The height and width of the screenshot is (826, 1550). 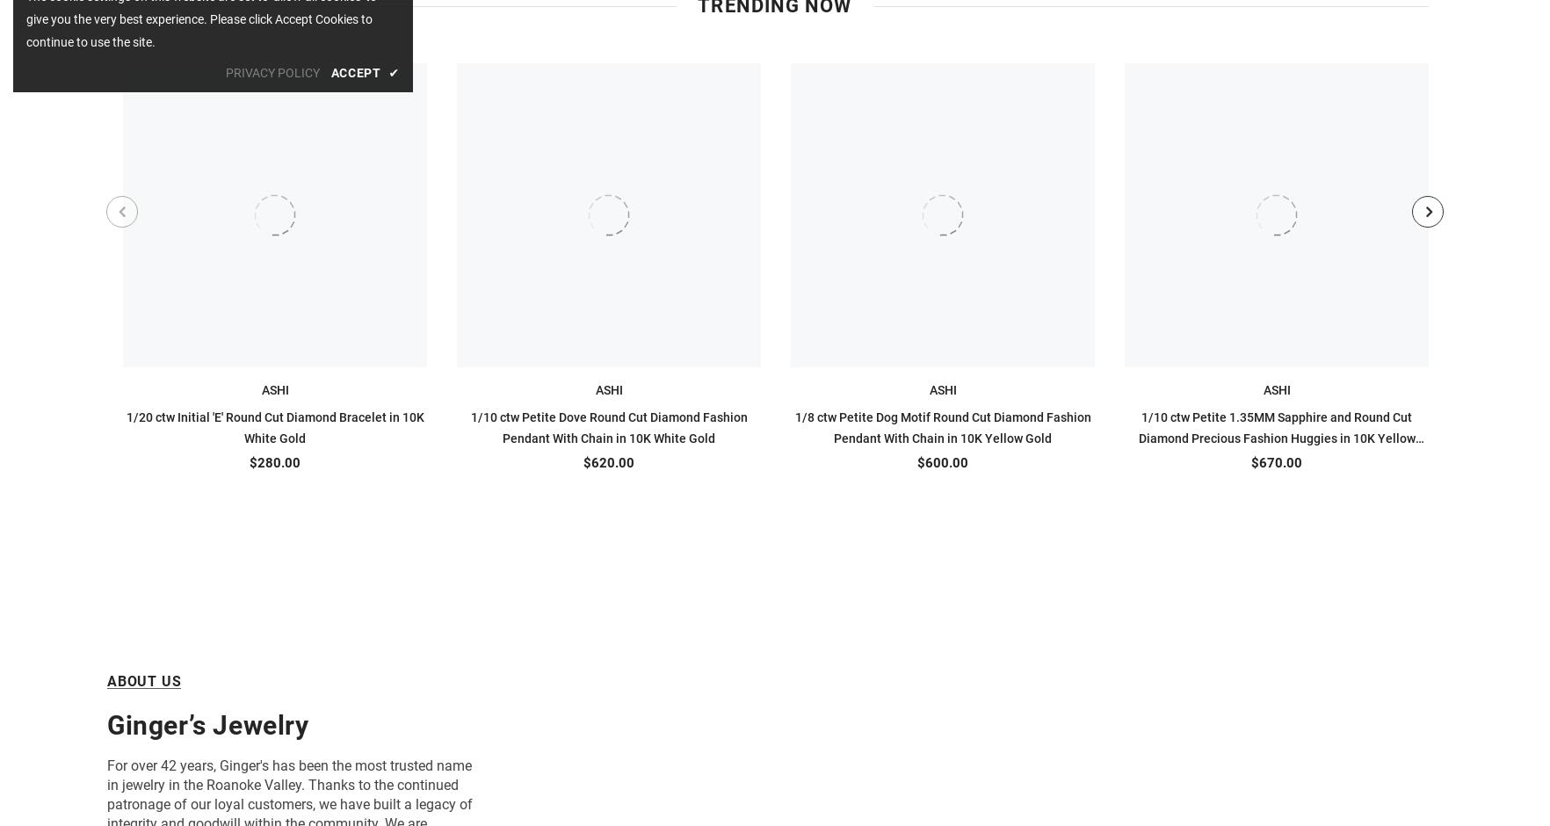 I want to click on 'About Us', so click(x=144, y=679).